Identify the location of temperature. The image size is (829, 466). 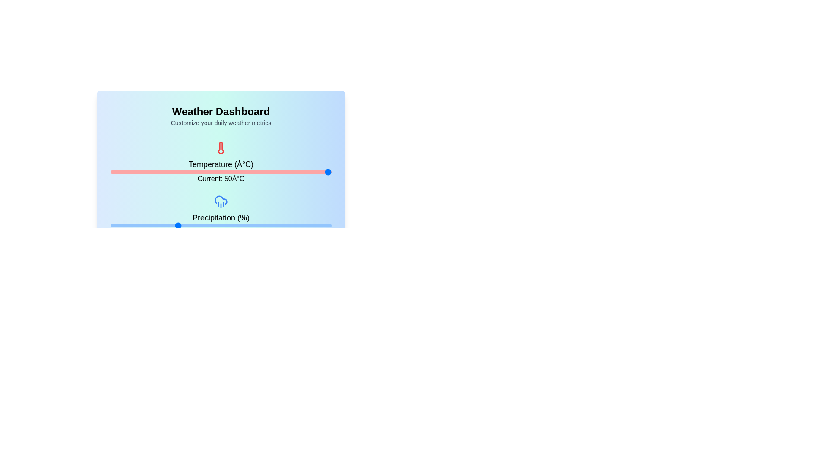
(268, 172).